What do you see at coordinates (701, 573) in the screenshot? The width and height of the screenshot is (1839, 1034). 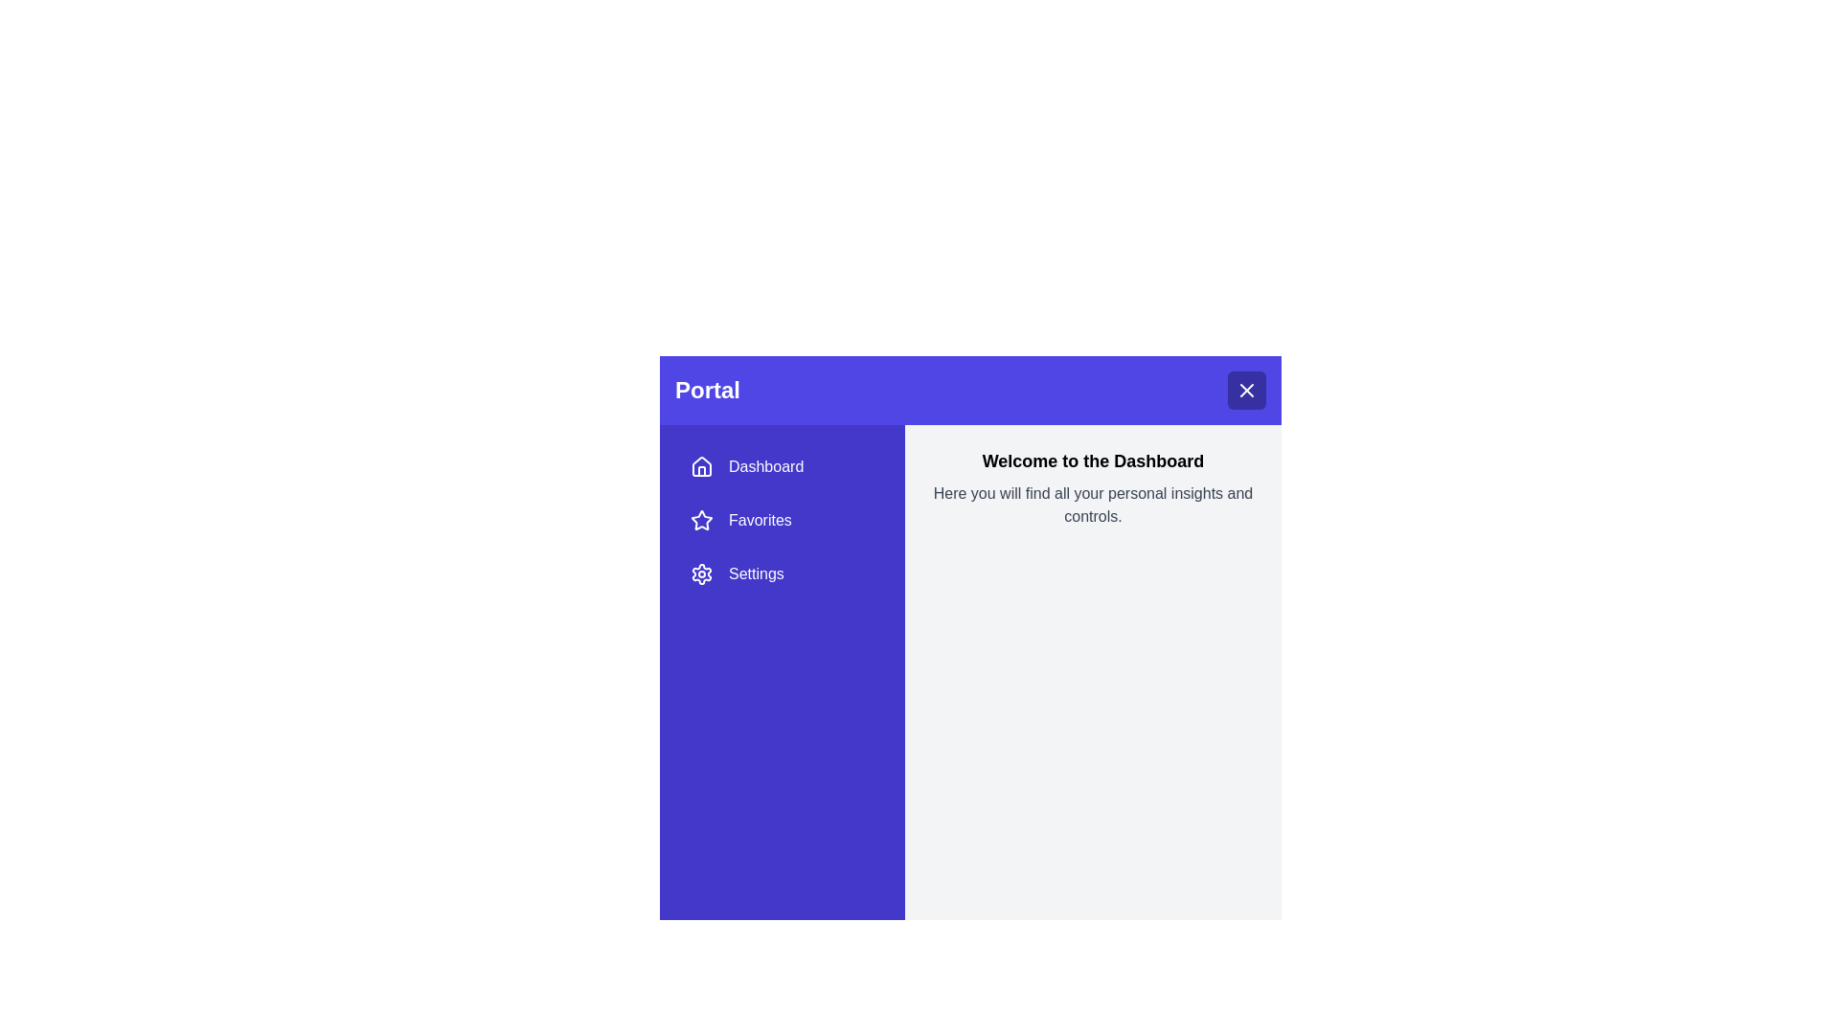 I see `the gear-like icon associated with the 'Settings' option in the vertical navigation menu, located below the 'Favorites' icon` at bounding box center [701, 573].